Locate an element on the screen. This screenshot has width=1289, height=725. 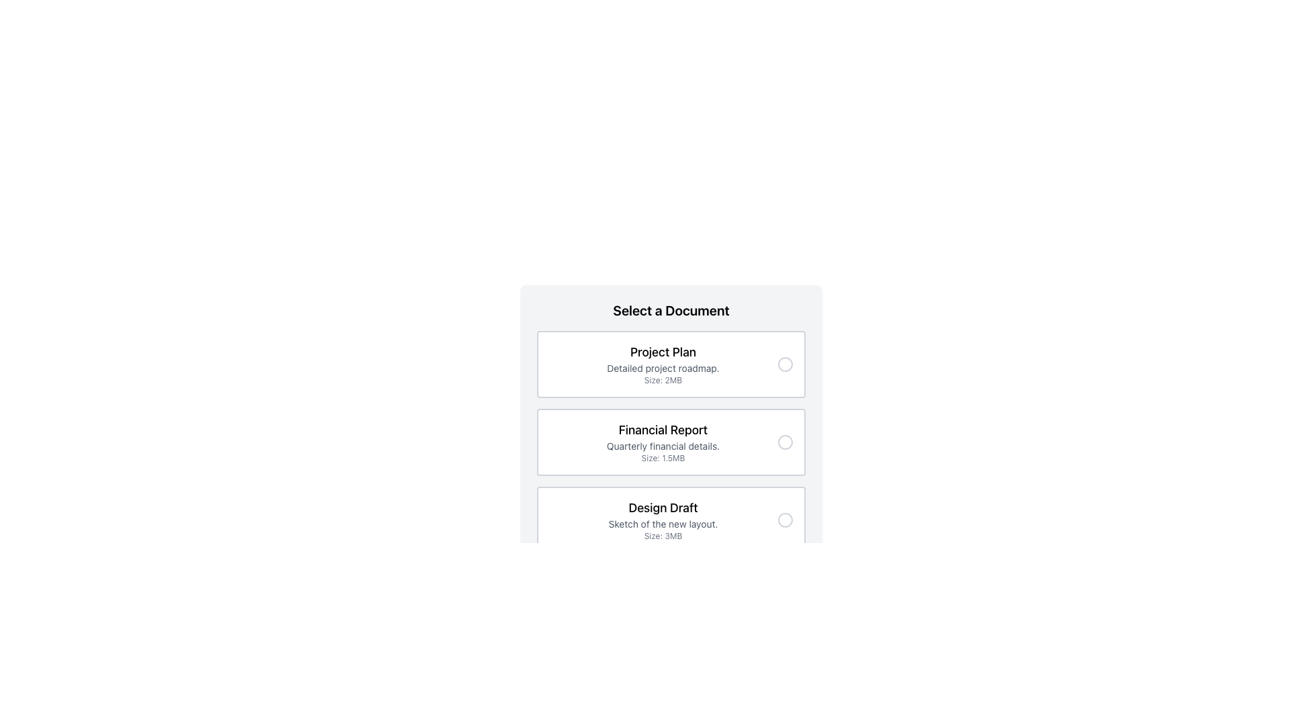
the text block containing 'Project Plan', 'Detailed project roadmap.', and 'Size: 2MB', which is the first content block in a list of items is located at coordinates (663, 365).